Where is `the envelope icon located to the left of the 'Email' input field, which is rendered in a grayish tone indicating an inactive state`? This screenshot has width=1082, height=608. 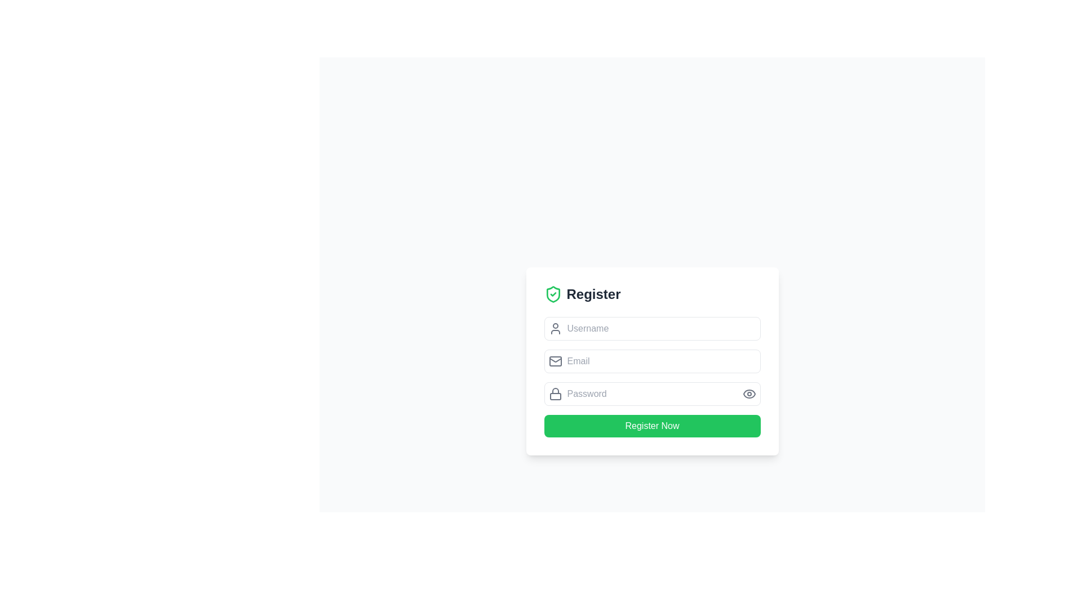
the envelope icon located to the left of the 'Email' input field, which is rendered in a grayish tone indicating an inactive state is located at coordinates (555, 361).